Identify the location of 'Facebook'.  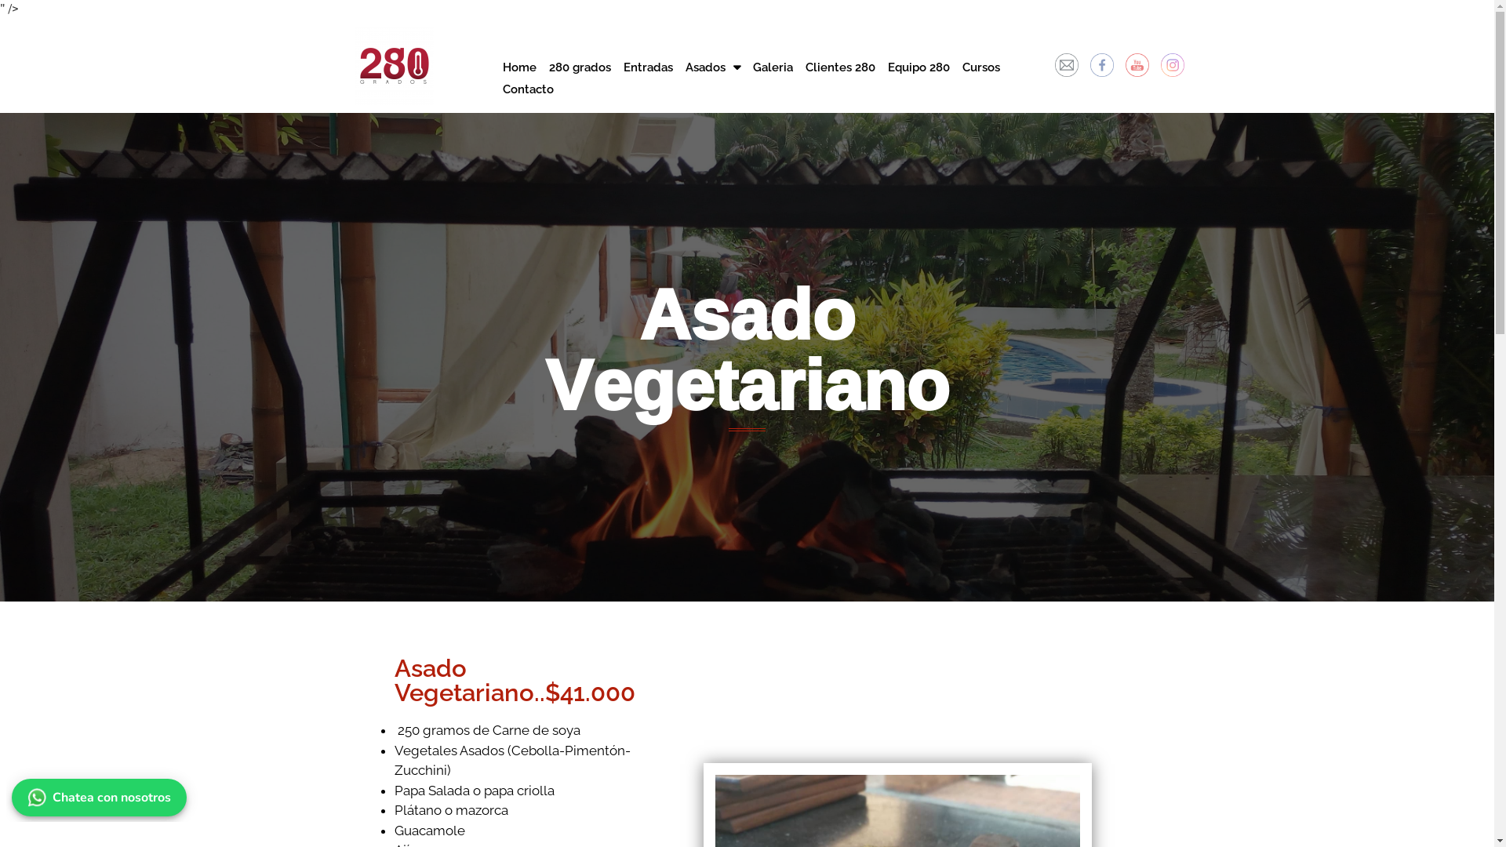
(1101, 64).